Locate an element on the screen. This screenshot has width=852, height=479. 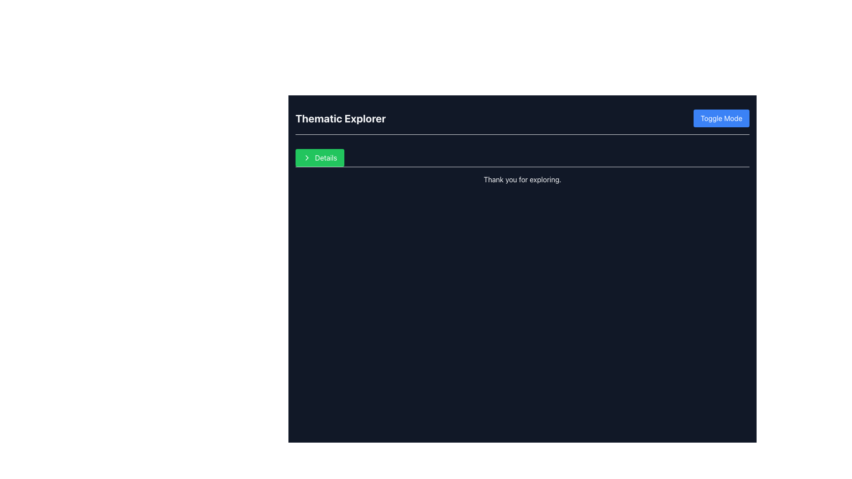
the chevron icon located to the left of the 'Details' button, which indicates further information or navigation is located at coordinates (307, 157).